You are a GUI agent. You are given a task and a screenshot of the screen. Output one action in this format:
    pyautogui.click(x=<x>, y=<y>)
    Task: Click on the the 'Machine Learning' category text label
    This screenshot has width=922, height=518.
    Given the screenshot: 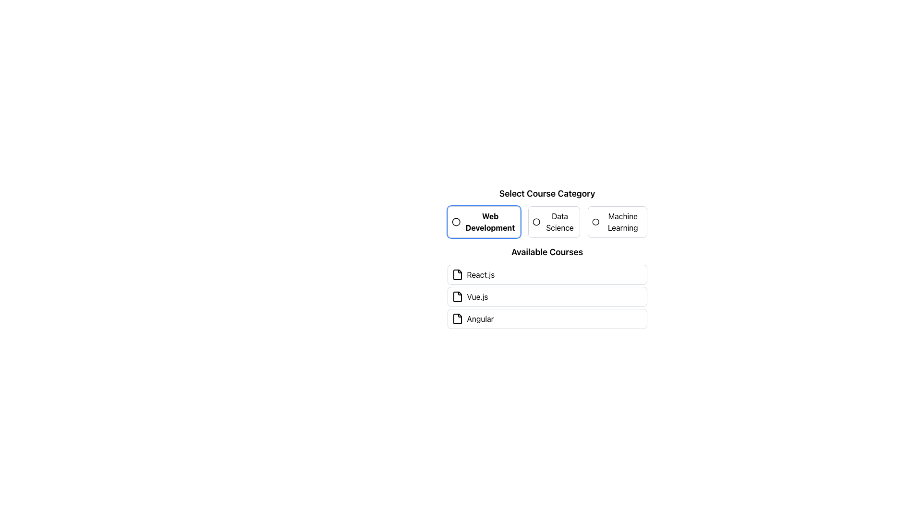 What is the action you would take?
    pyautogui.click(x=623, y=222)
    